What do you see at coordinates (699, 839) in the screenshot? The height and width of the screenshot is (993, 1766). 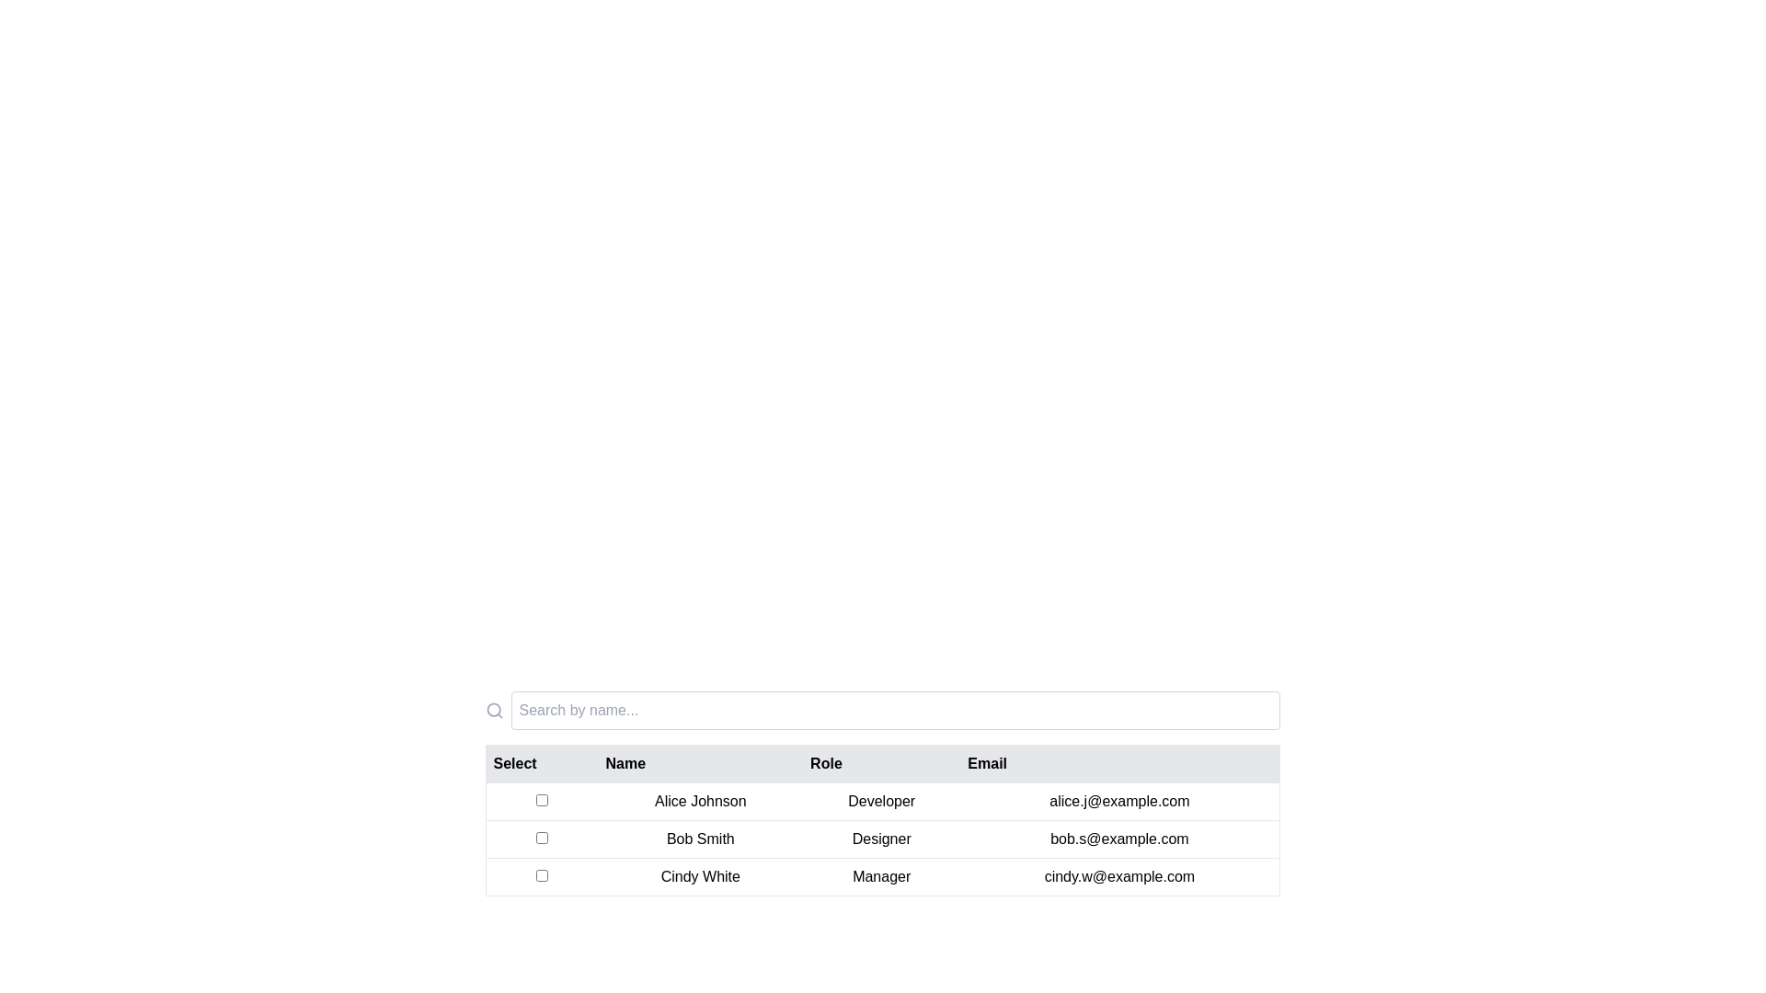 I see `on the text label displaying 'Bob Smith' located in the second row of the data table` at bounding box center [699, 839].